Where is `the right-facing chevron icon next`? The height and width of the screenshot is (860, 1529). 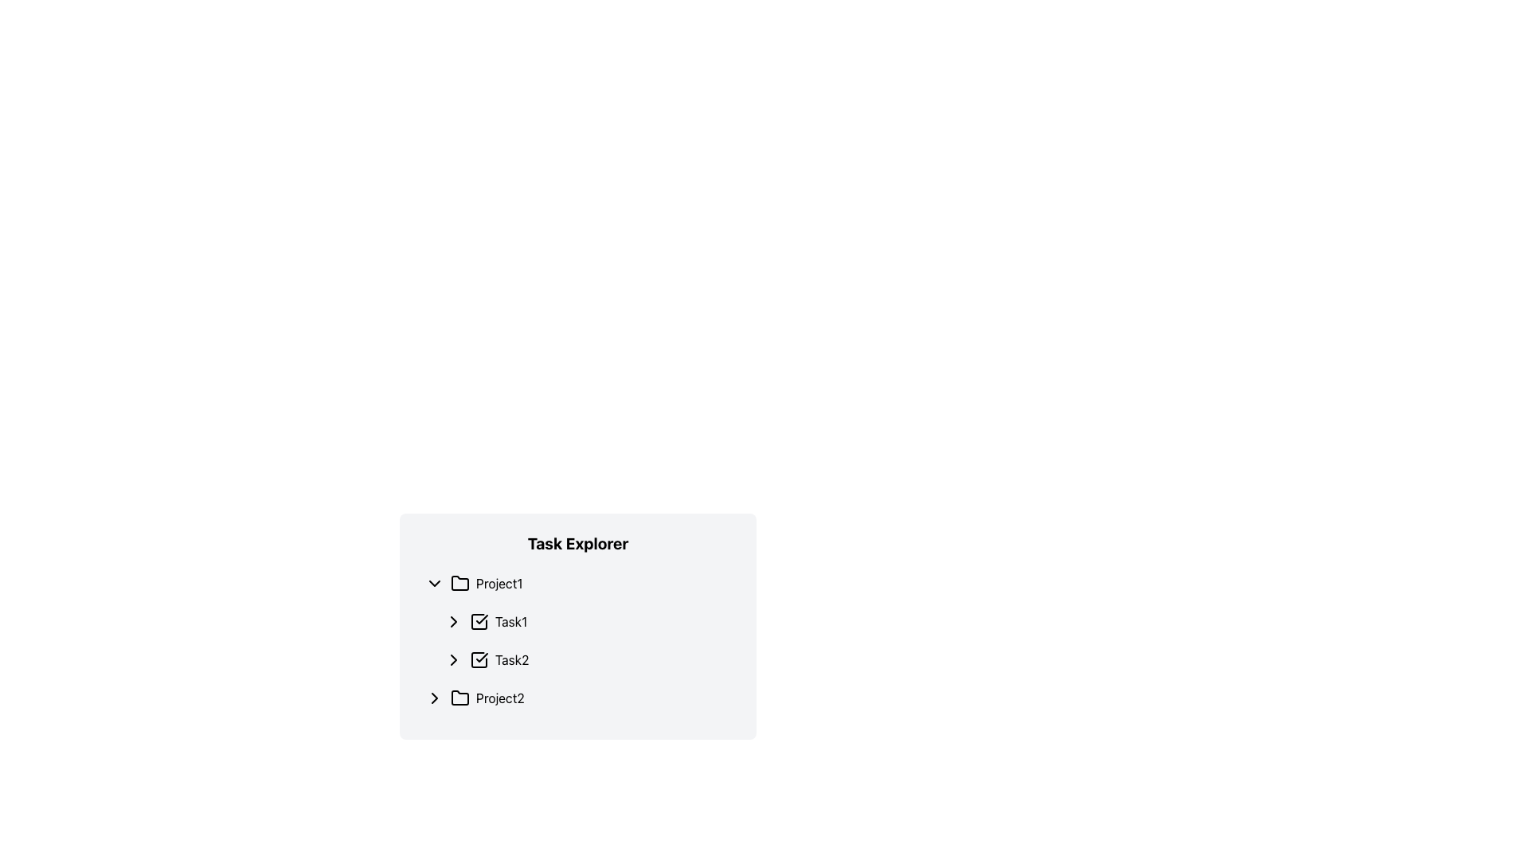
the right-facing chevron icon next is located at coordinates (453, 660).